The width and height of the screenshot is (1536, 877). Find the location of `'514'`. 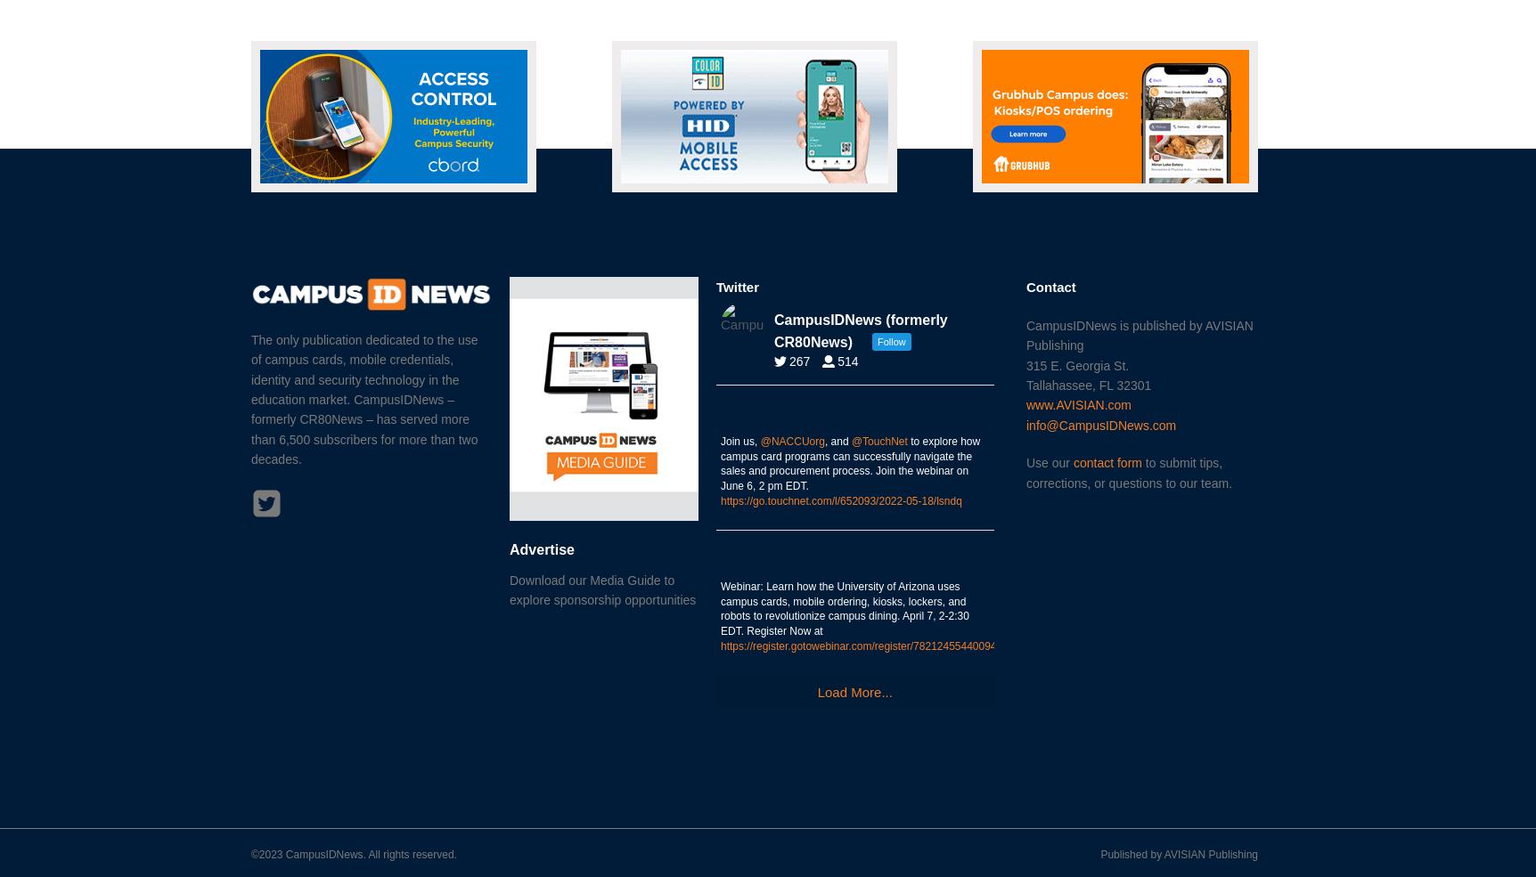

'514' is located at coordinates (846, 360).